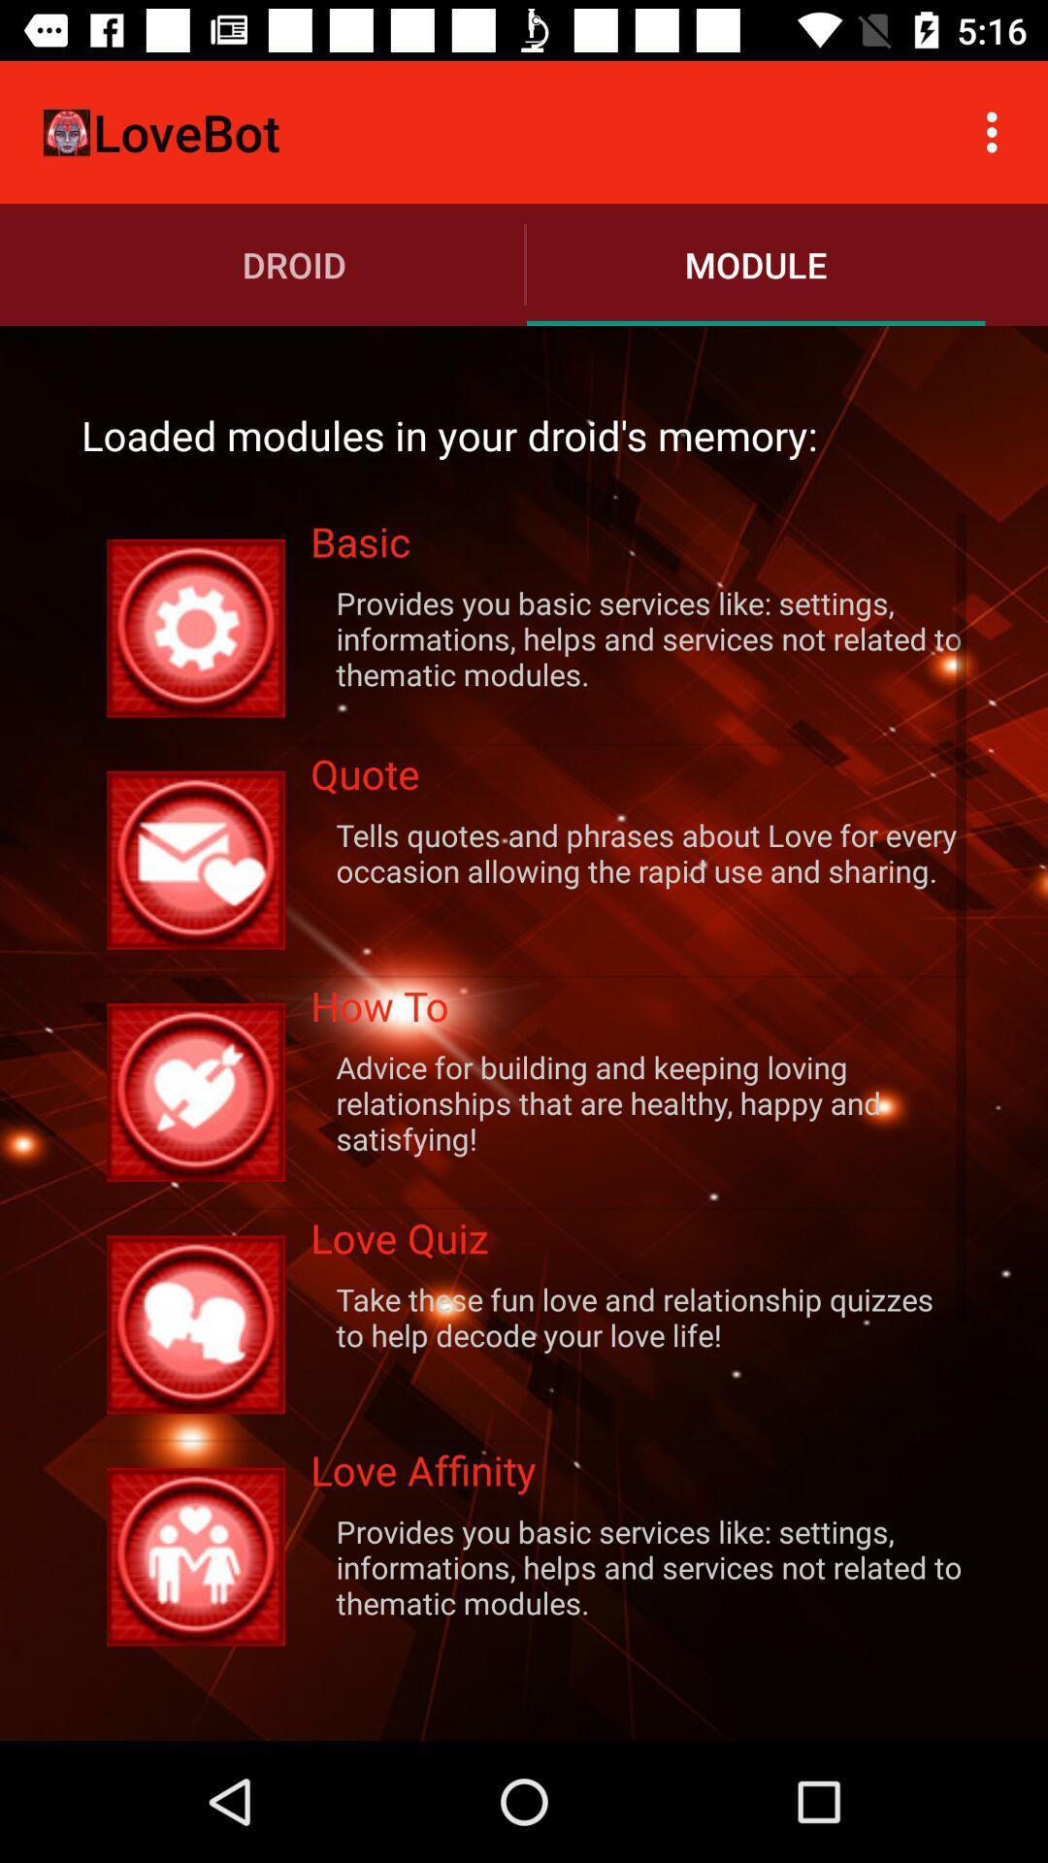  Describe the element at coordinates (639, 1475) in the screenshot. I see `the icon above provides you basic item` at that location.